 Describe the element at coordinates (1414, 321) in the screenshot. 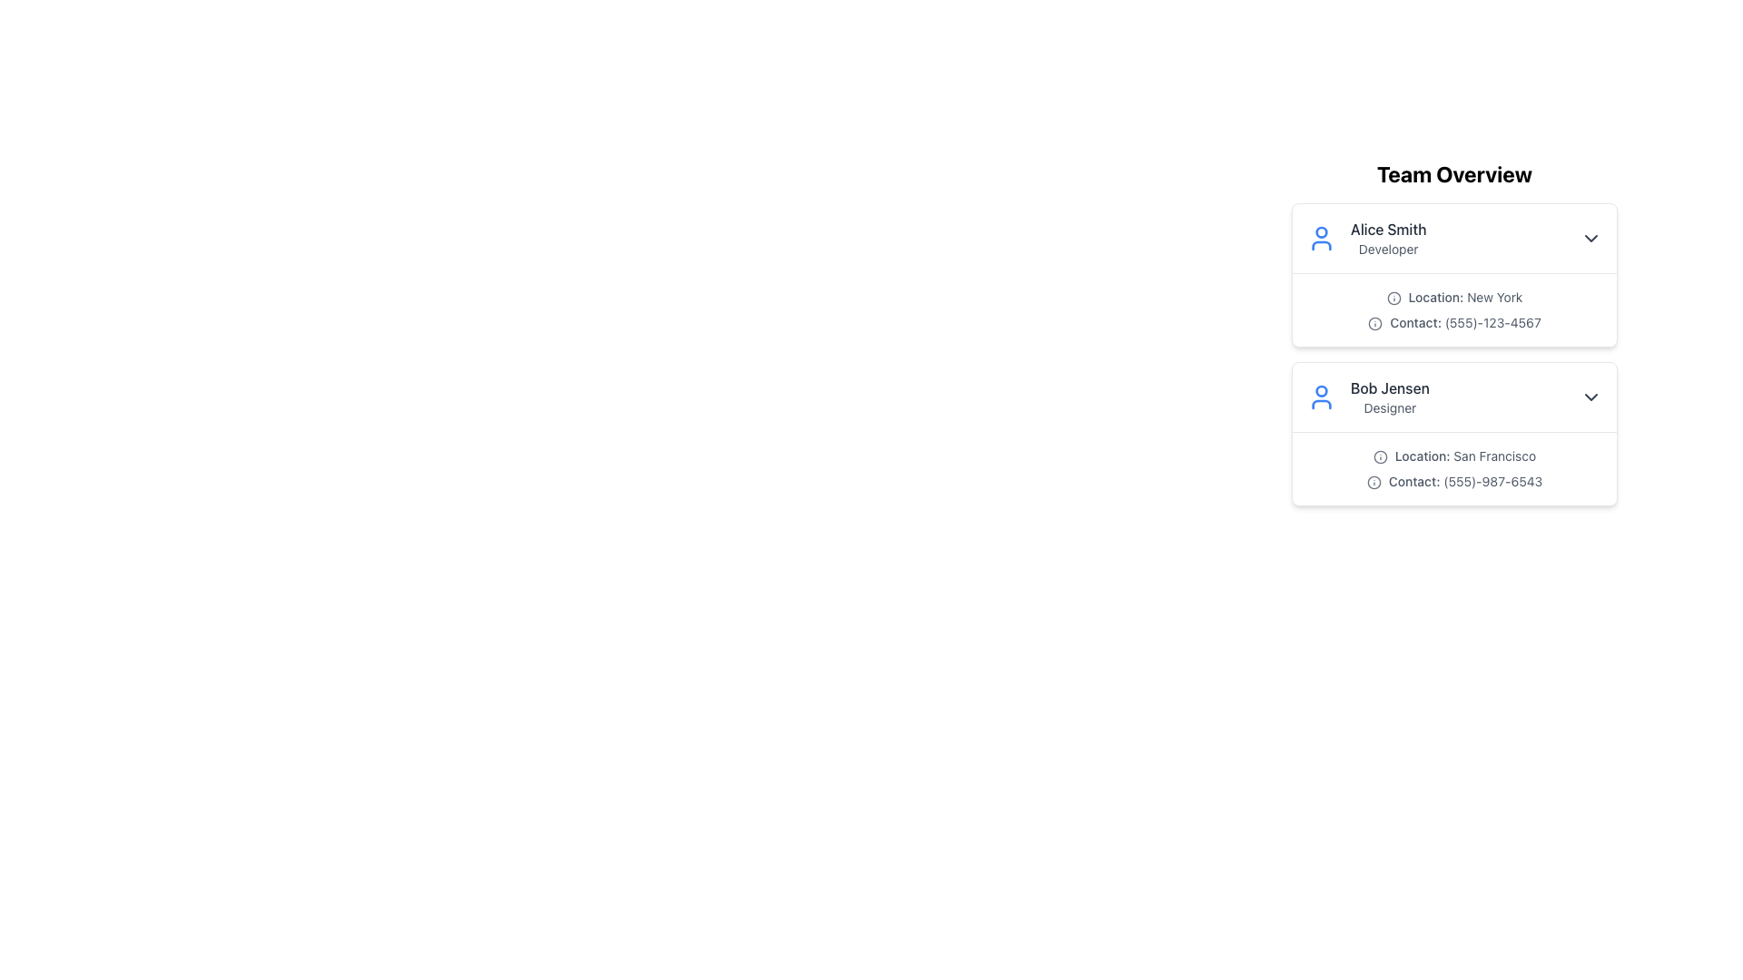

I see `the 'Contact:' label which displays in bold medium font and is positioned in Alice Smith's contact details section` at that location.